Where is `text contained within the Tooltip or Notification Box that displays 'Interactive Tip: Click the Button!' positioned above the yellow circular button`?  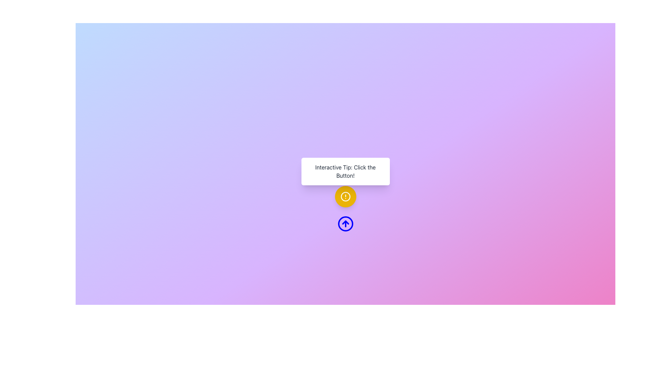
text contained within the Tooltip or Notification Box that displays 'Interactive Tip: Click the Button!' positioned above the yellow circular button is located at coordinates (345, 171).